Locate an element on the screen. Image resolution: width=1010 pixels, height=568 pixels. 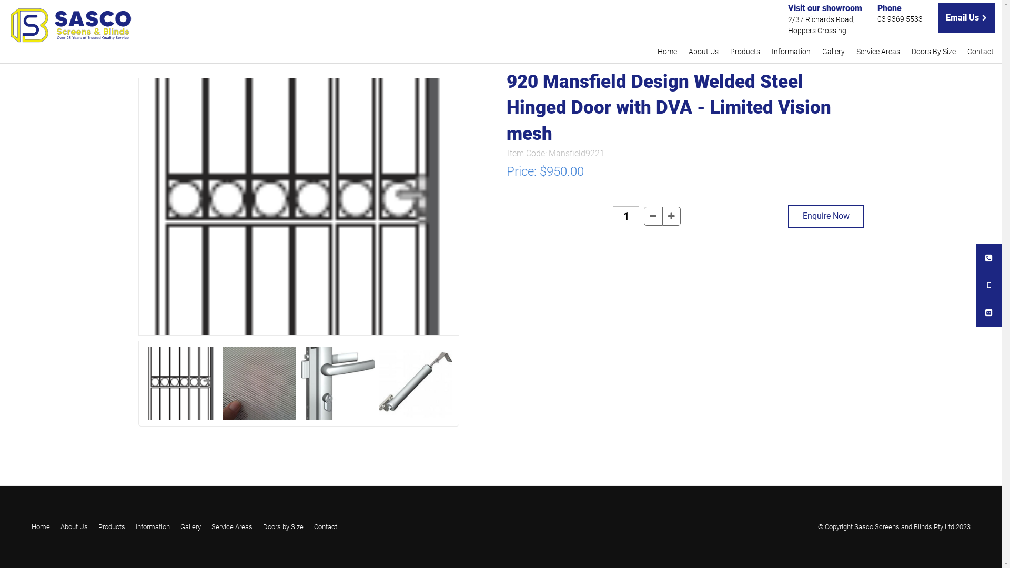
'2/37 Richards Road, is located at coordinates (821, 24).